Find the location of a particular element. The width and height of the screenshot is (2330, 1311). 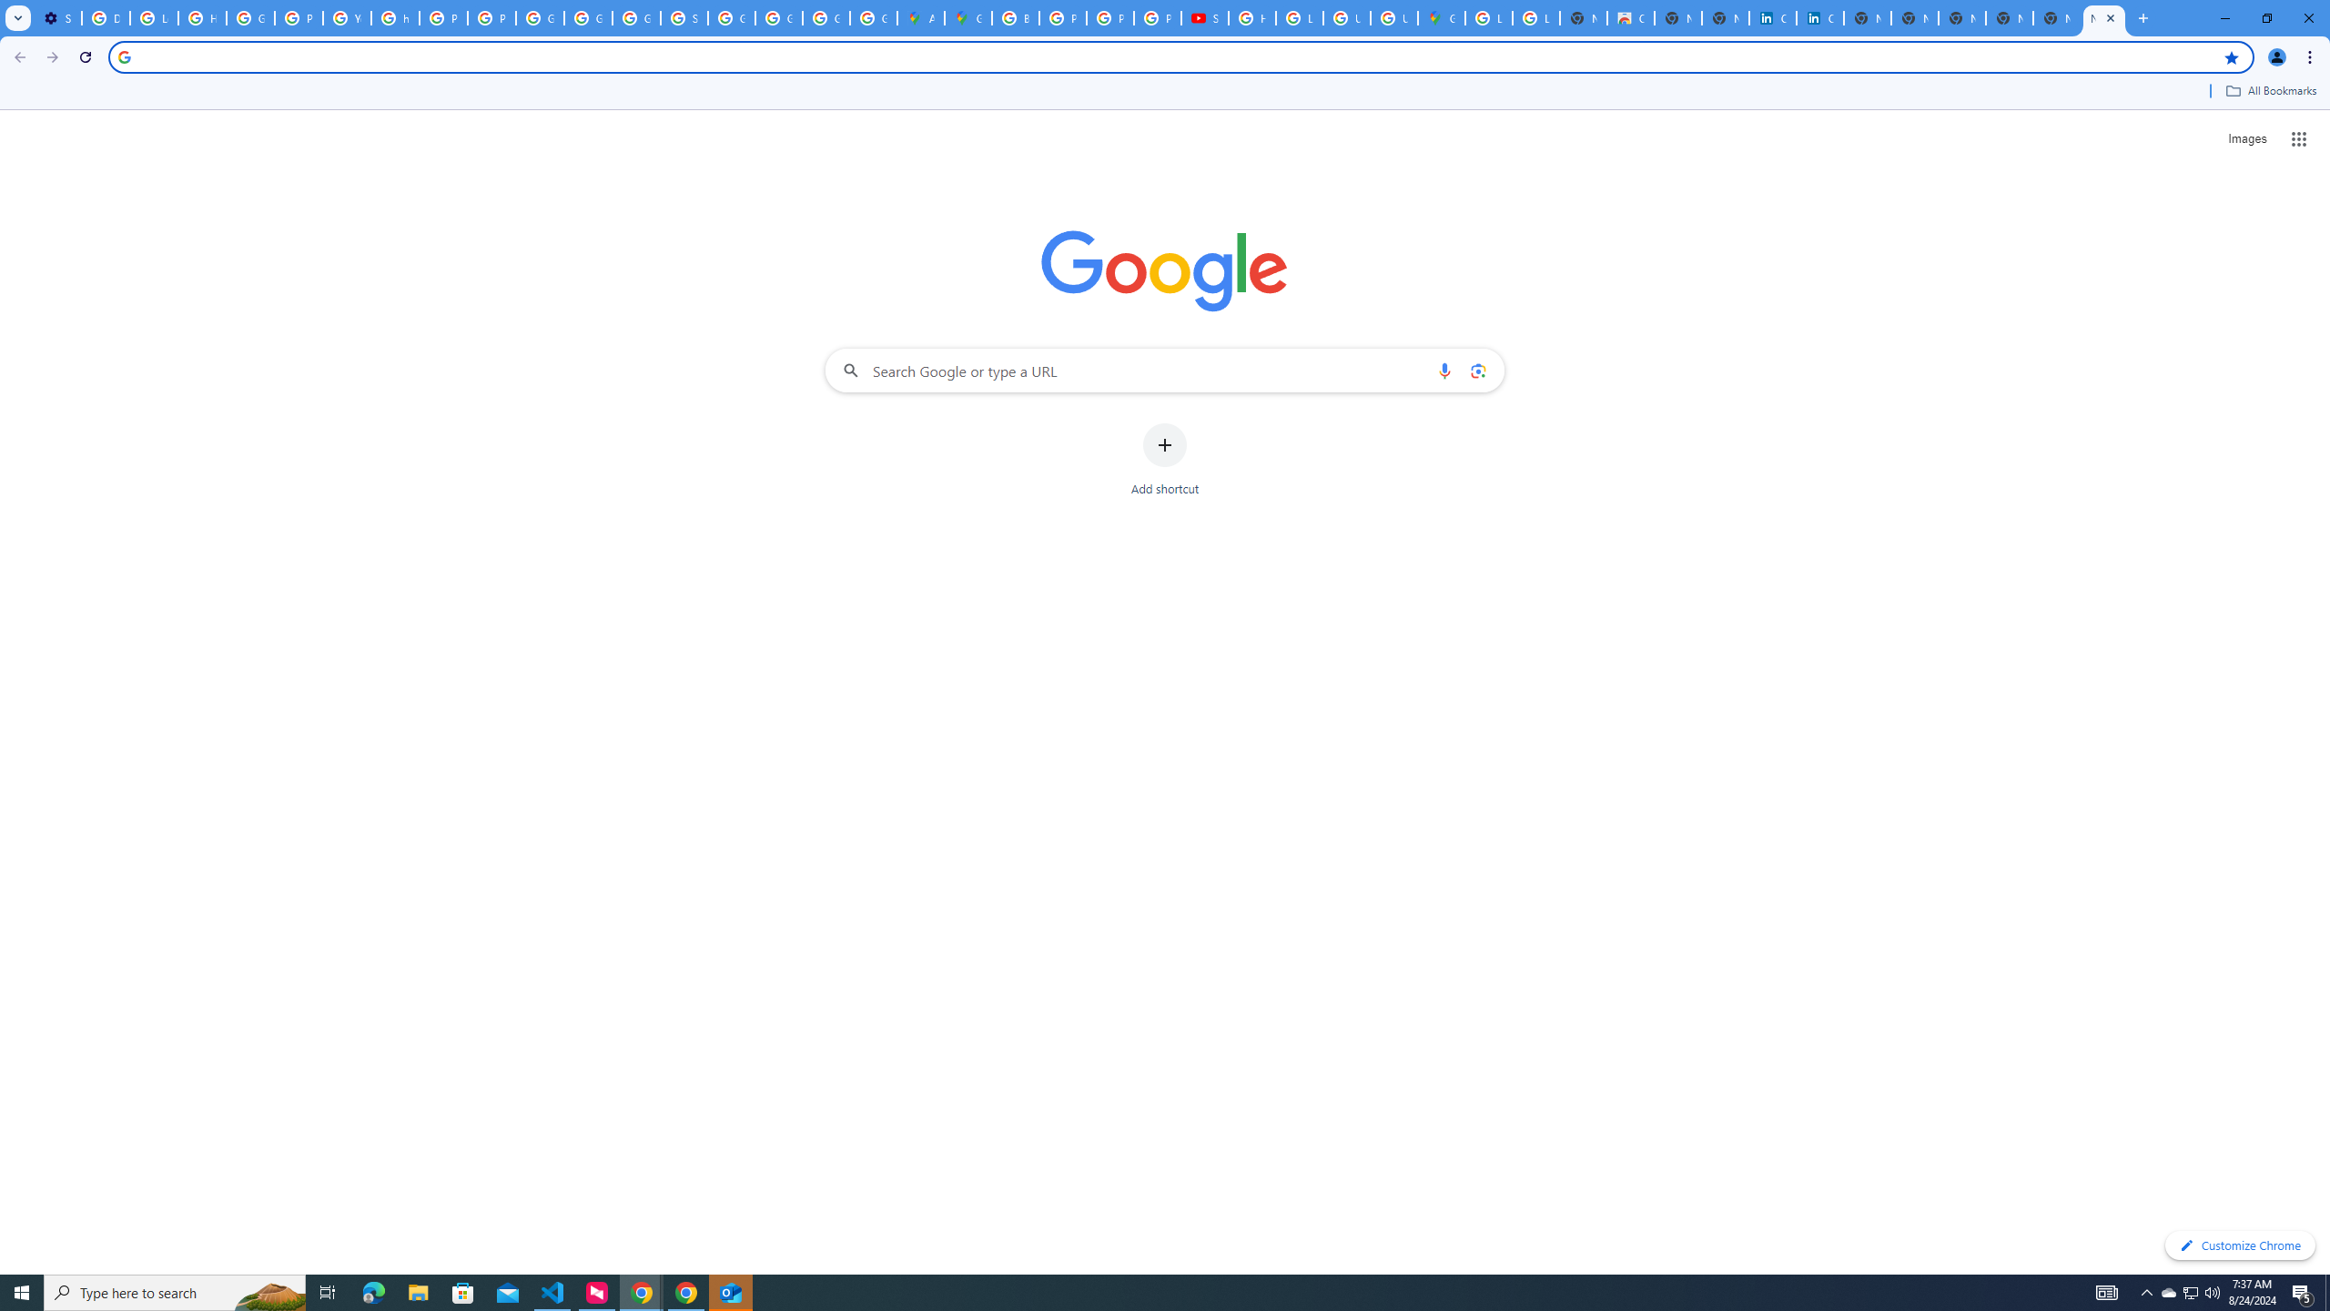

'Google Maps' is located at coordinates (967, 17).